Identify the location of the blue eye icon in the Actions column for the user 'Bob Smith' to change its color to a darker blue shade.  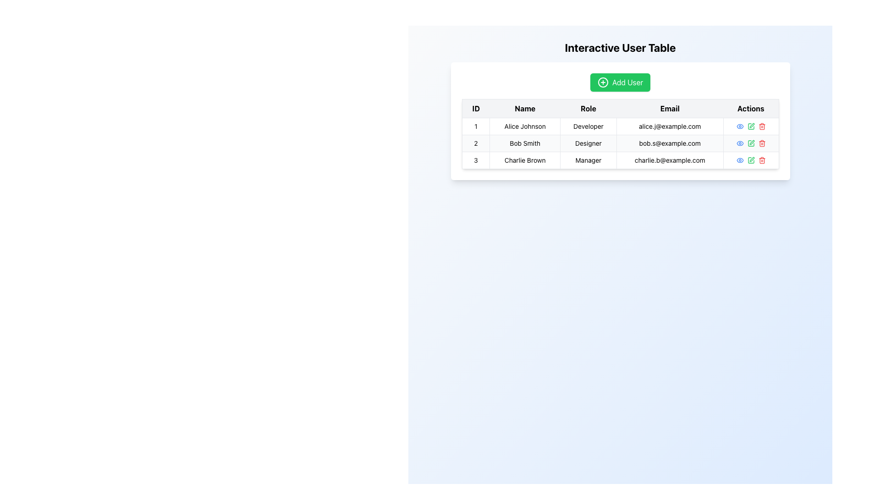
(740, 143).